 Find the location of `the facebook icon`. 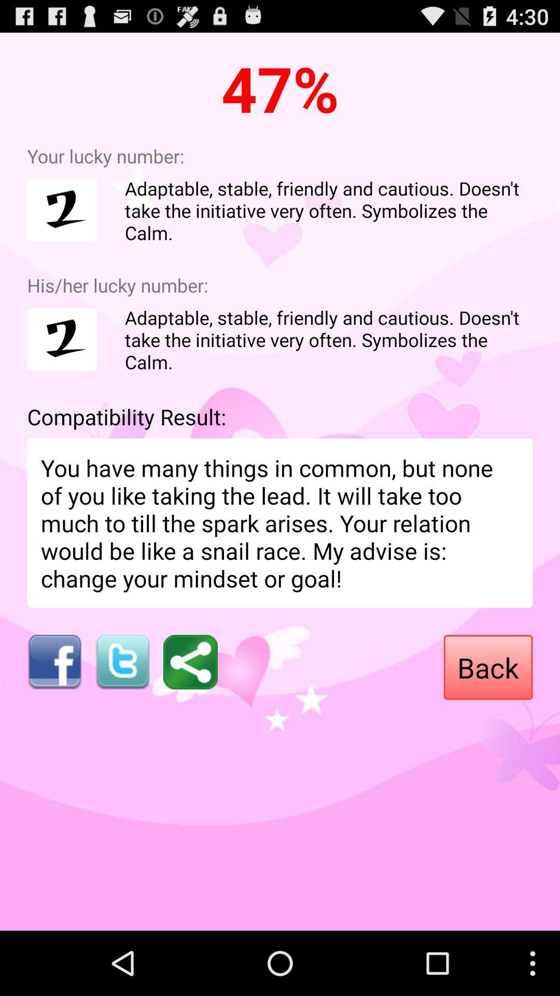

the facebook icon is located at coordinates (54, 708).